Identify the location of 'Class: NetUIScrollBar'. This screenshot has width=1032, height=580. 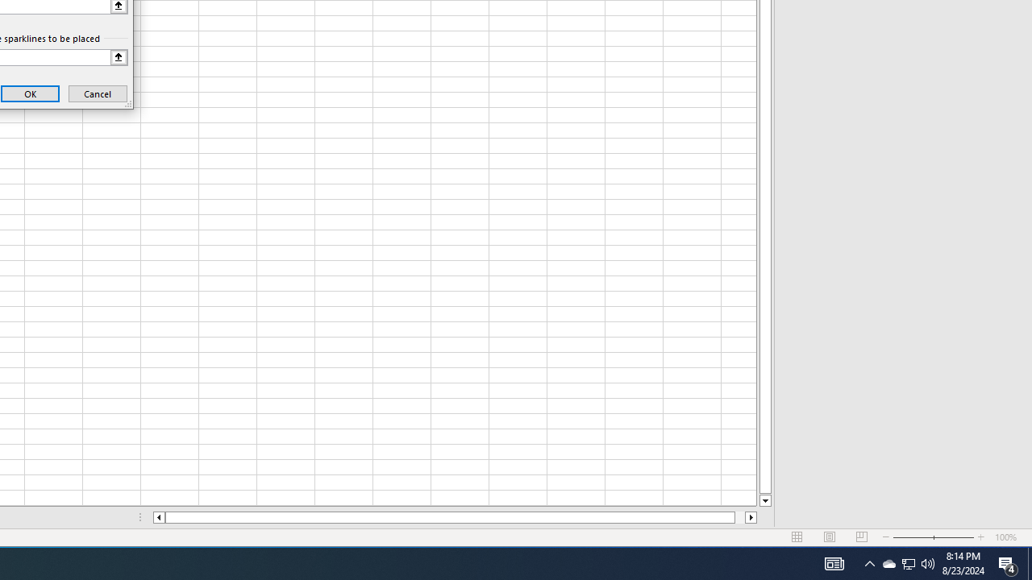
(454, 517).